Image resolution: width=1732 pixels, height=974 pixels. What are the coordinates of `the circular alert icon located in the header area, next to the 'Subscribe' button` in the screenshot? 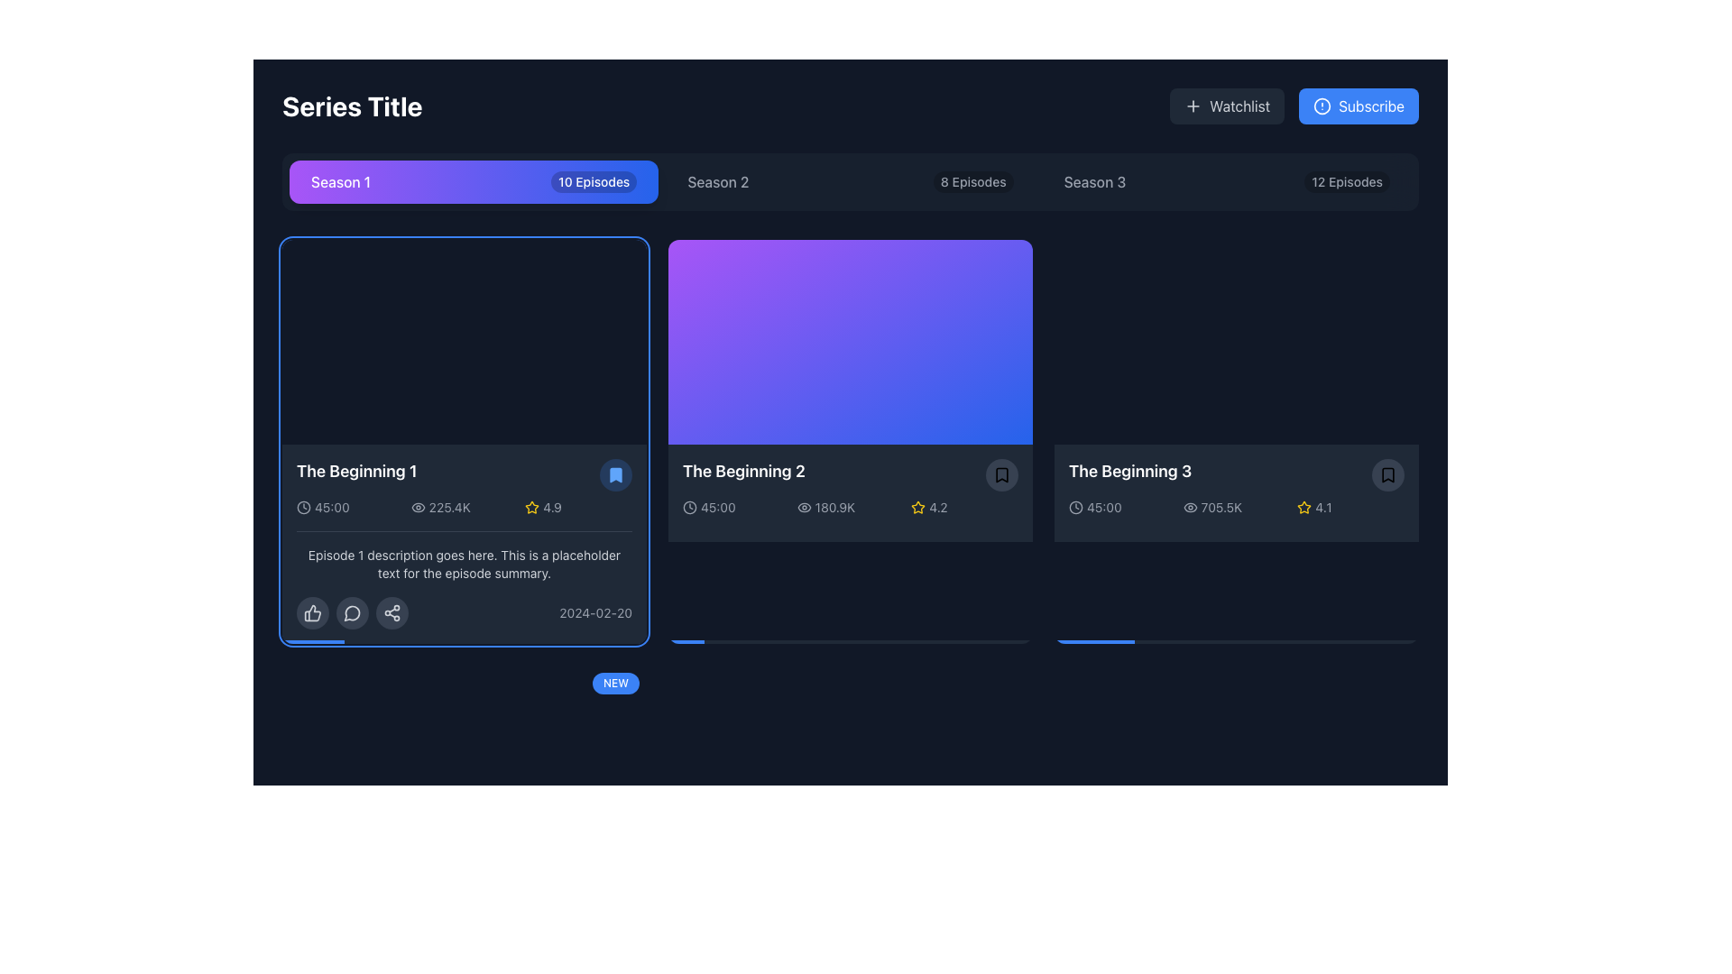 It's located at (1322, 106).